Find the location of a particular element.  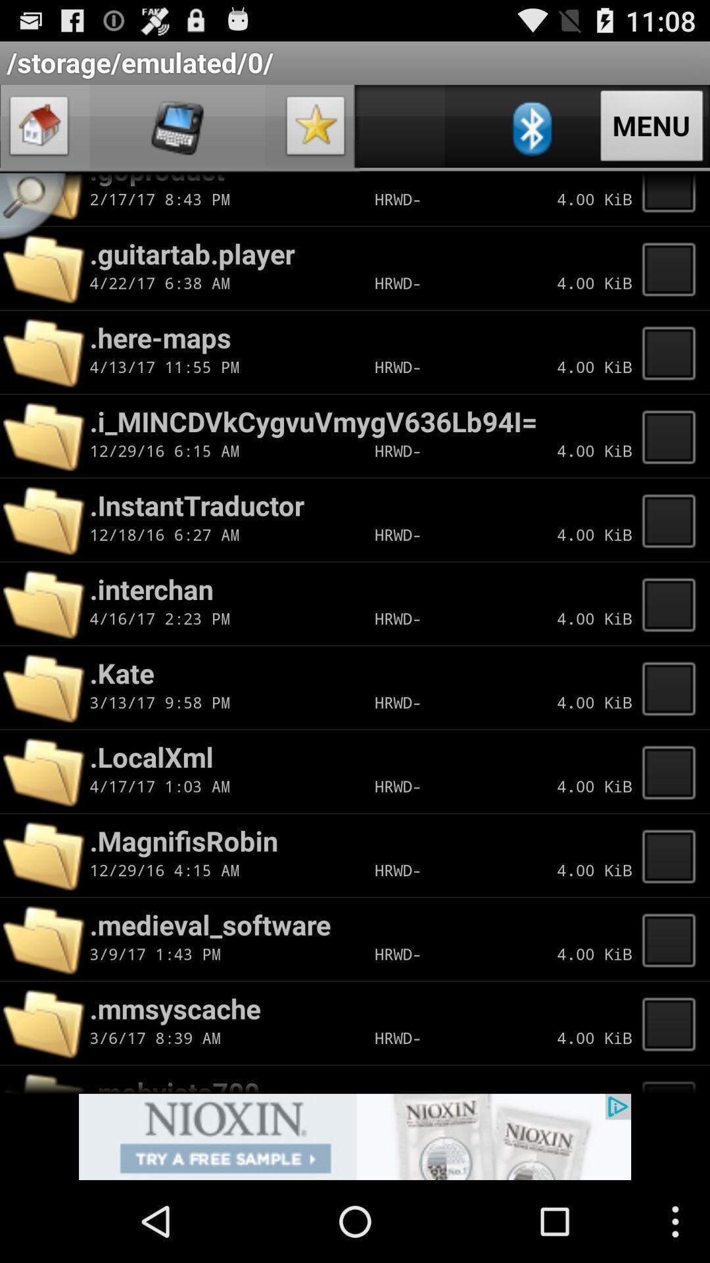

button is located at coordinates (673, 603).